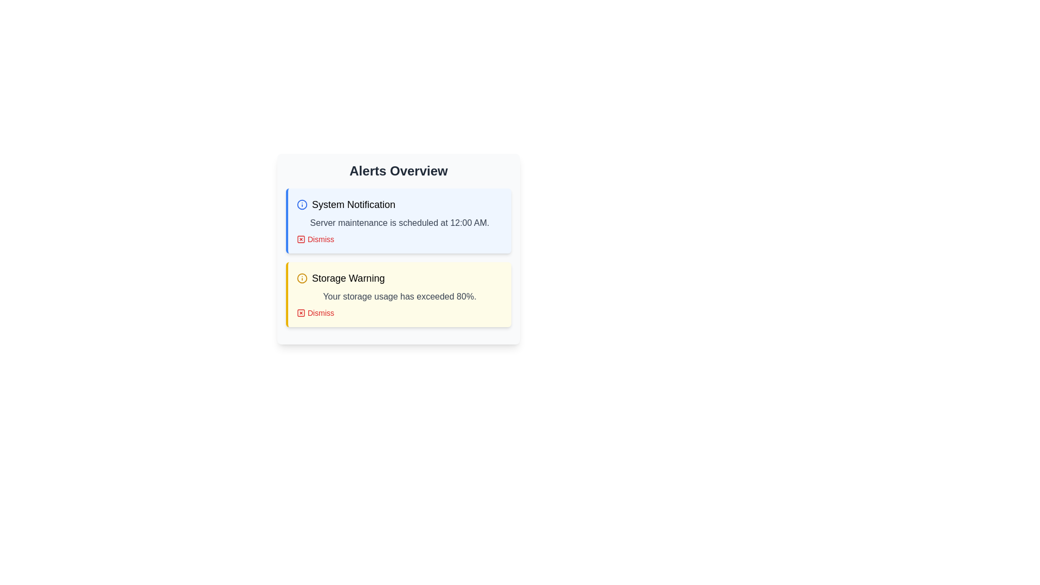 The image size is (1040, 585). Describe the element at coordinates (315, 239) in the screenshot. I see `the 'Dismiss' button with red text and an adjacent red square icon containing an 'X' located at the bottom-right corner of the 'System Notification' box` at that location.